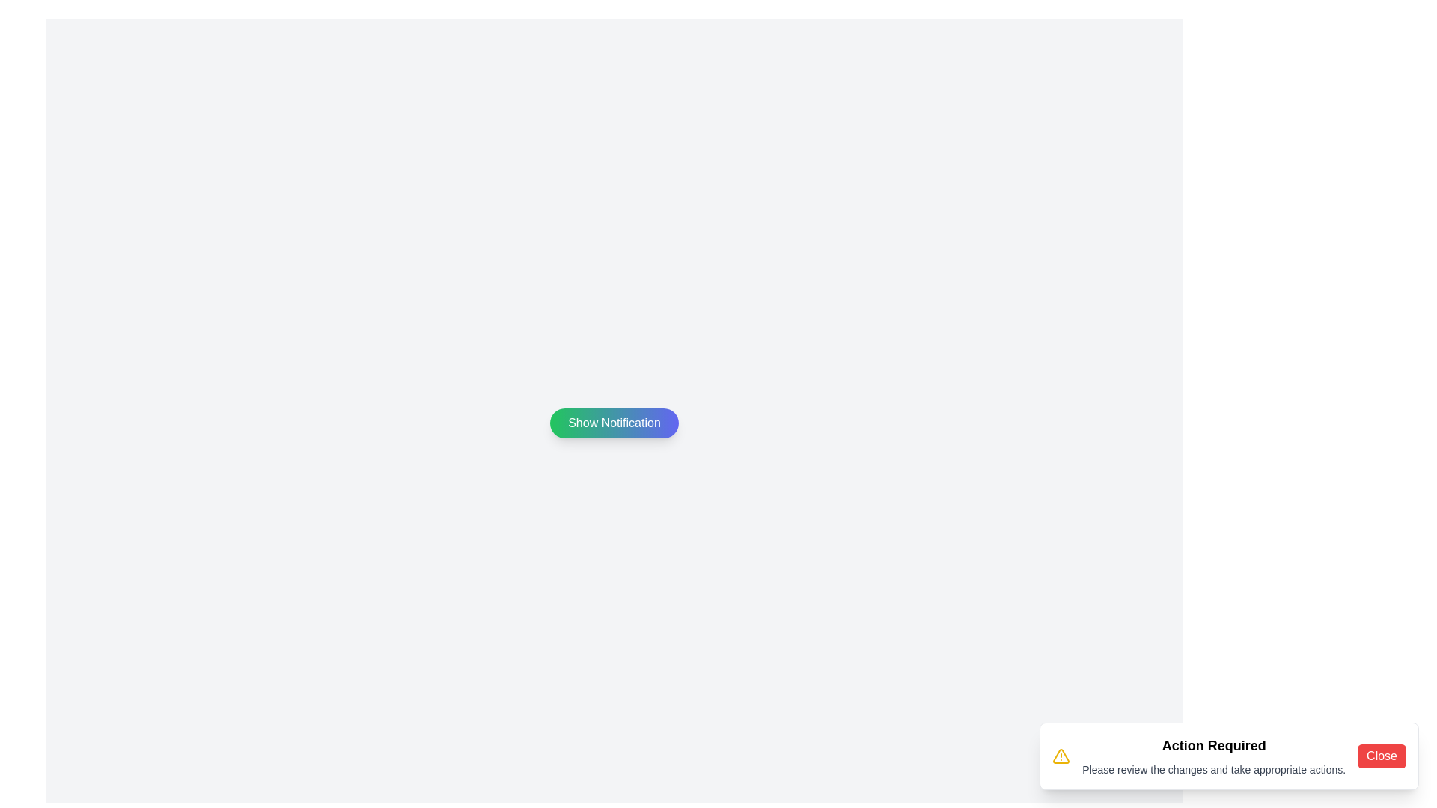  I want to click on the 'Close' button to hide the notification, so click(1381, 756).